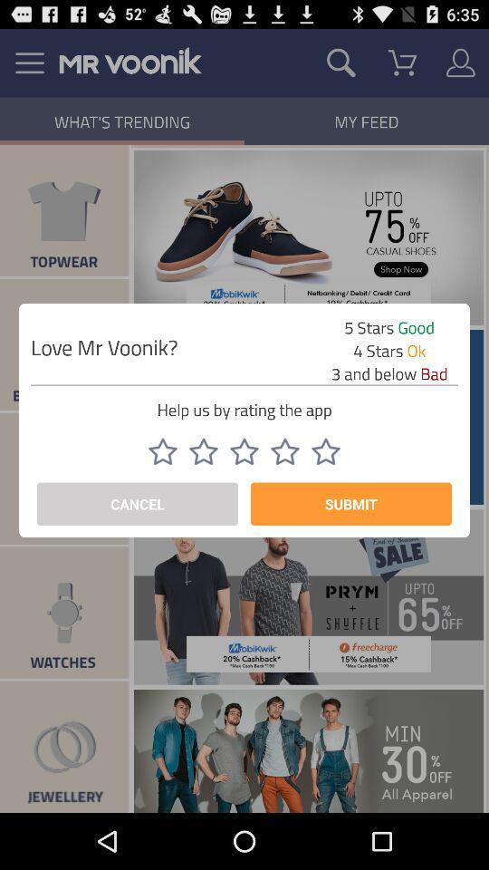  What do you see at coordinates (350, 504) in the screenshot?
I see `button to the right of the cancel button` at bounding box center [350, 504].